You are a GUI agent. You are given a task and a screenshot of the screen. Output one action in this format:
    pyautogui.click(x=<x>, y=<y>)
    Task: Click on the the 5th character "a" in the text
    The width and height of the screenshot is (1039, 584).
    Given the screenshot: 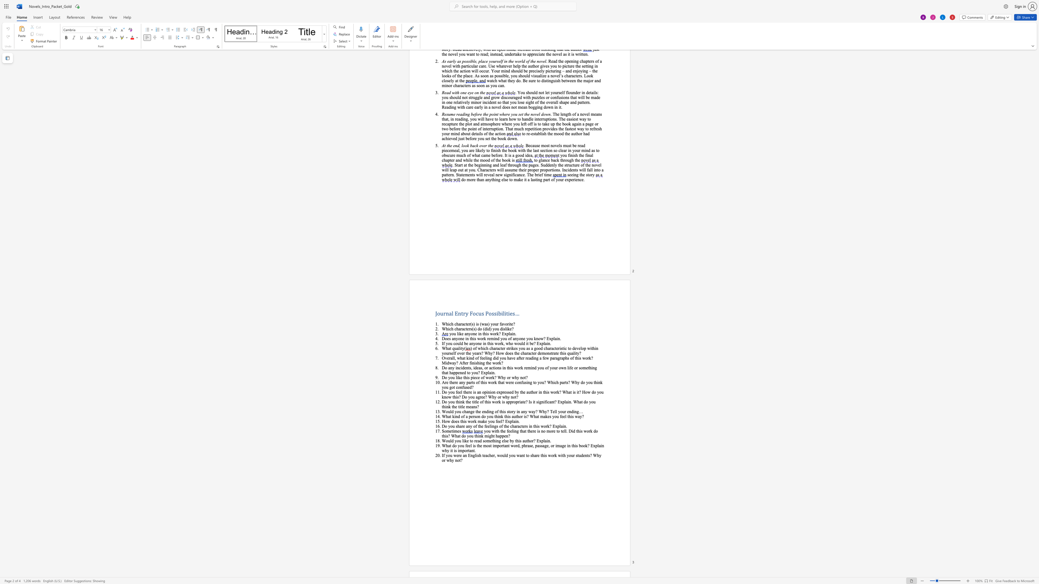 What is the action you would take?
    pyautogui.click(x=453, y=372)
    